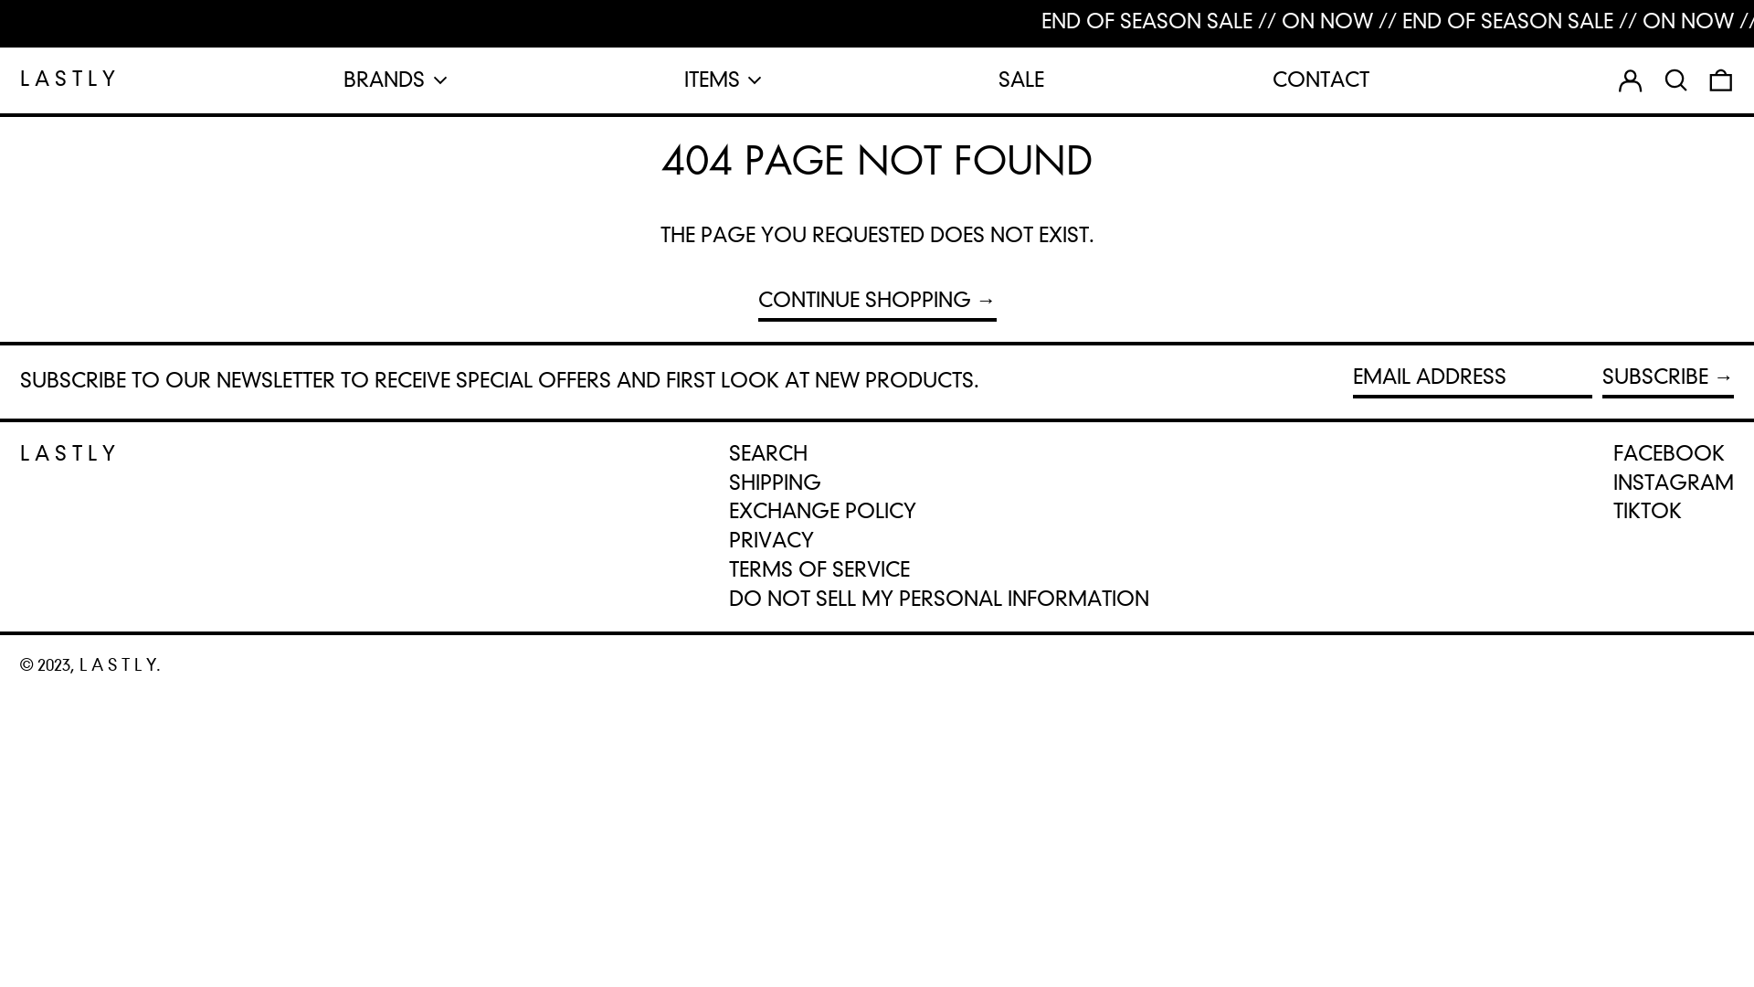  Describe the element at coordinates (1020, 80) in the screenshot. I see `'SALE'` at that location.